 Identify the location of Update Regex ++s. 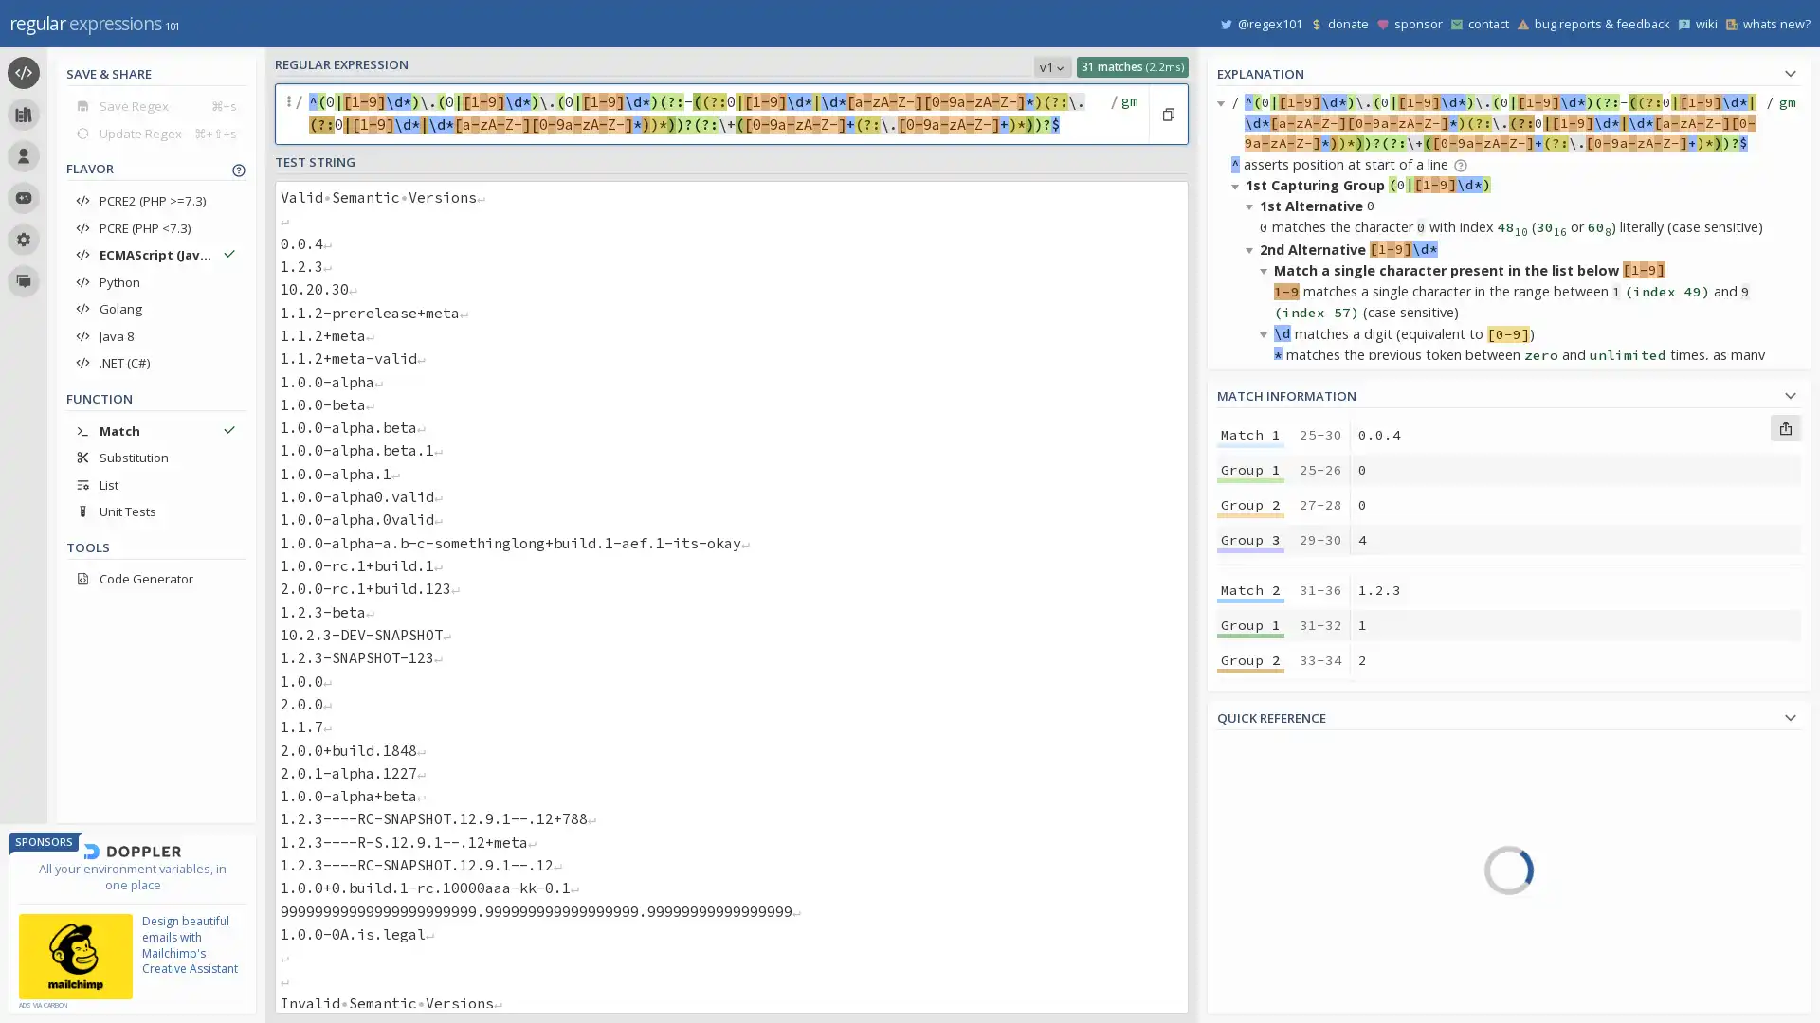
(155, 132).